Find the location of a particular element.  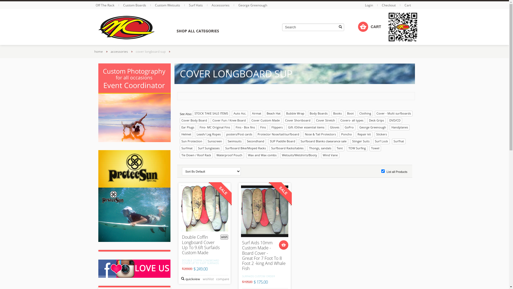

'wish' is located at coordinates (224, 237).